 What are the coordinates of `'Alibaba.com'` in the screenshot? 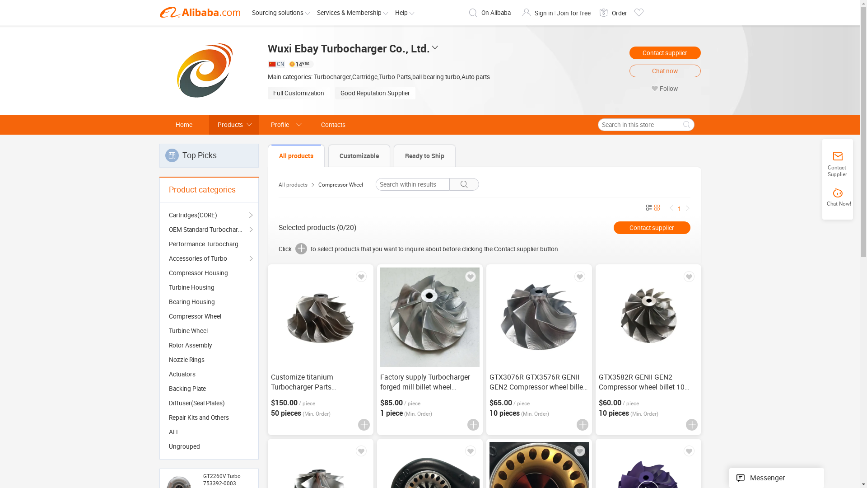 It's located at (199, 12).